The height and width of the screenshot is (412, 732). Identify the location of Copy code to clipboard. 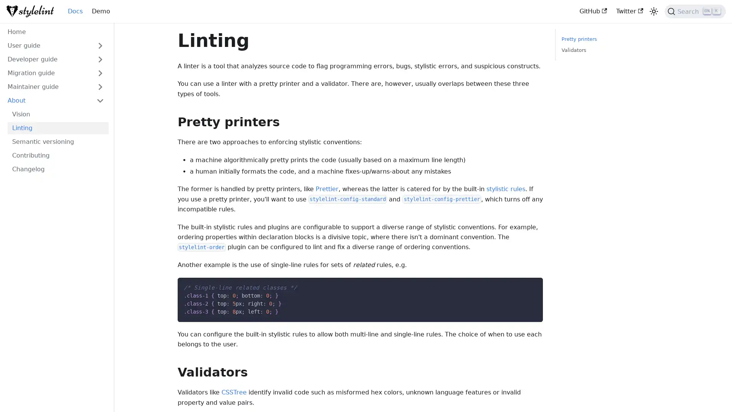
(533, 287).